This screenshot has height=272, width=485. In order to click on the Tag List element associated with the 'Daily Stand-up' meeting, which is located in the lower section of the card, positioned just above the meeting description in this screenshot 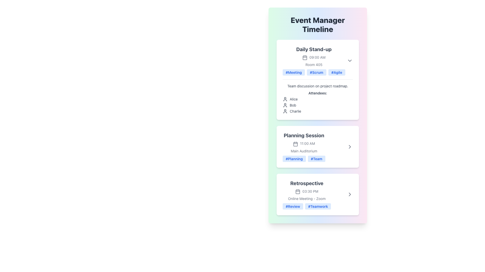, I will do `click(313, 72)`.